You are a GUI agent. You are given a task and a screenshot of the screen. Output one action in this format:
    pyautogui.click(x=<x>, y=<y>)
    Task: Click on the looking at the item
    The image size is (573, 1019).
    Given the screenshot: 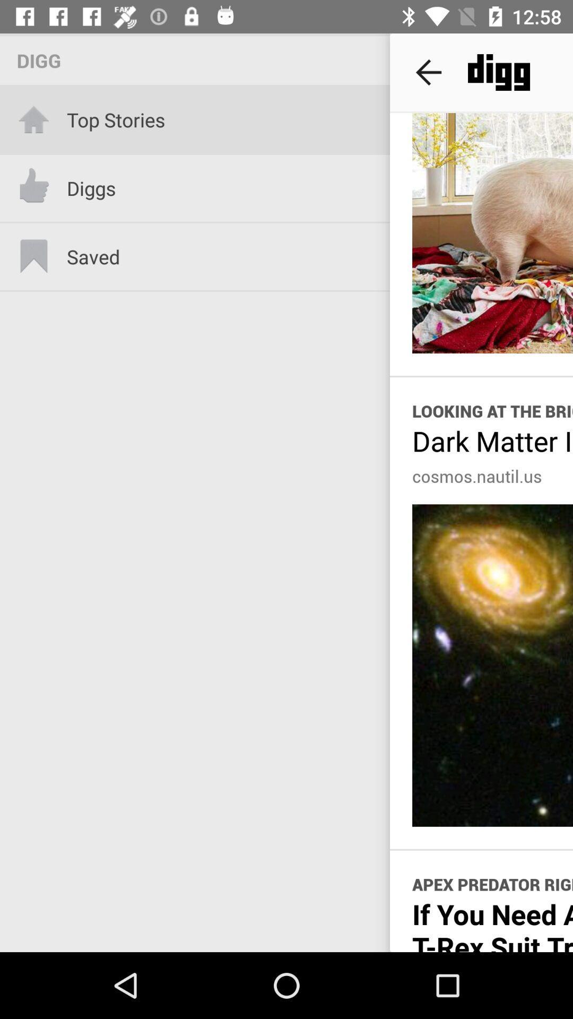 What is the action you would take?
    pyautogui.click(x=492, y=410)
    